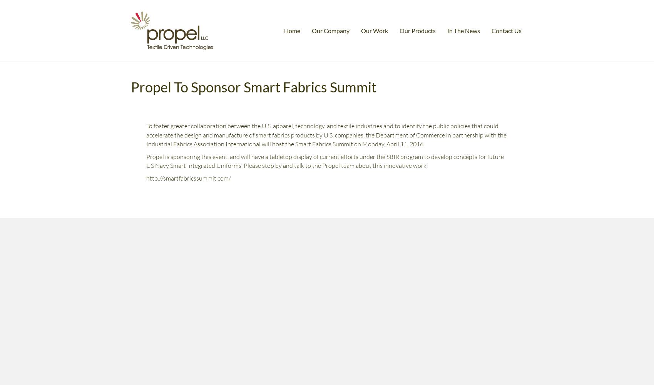  I want to click on 'In The News', so click(463, 30).